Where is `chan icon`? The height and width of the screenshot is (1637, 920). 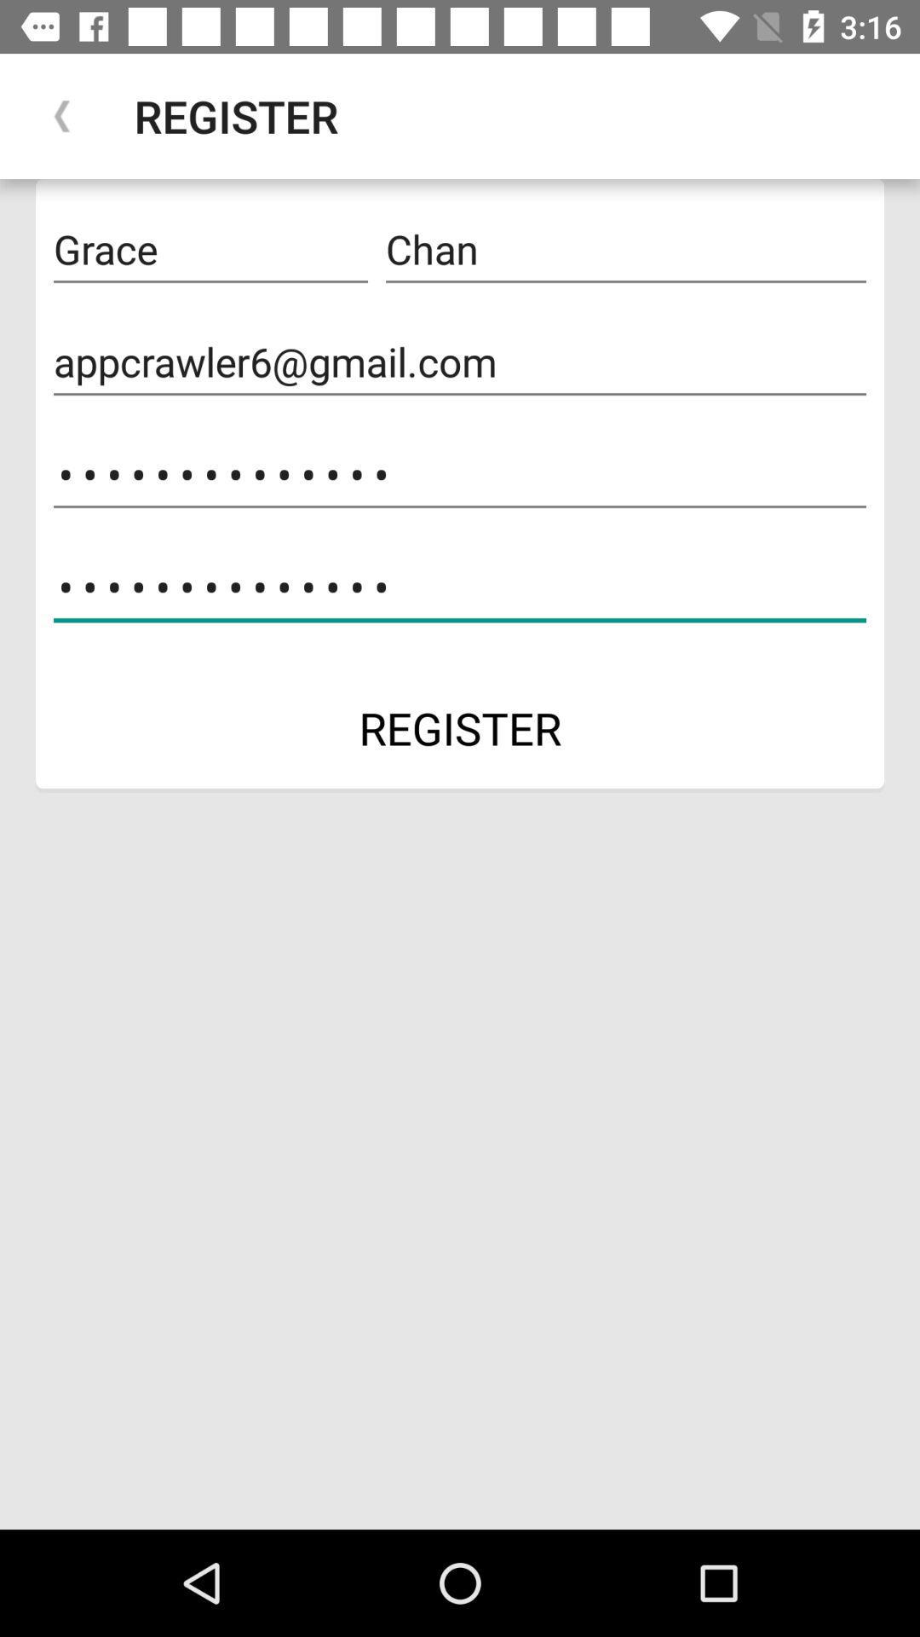
chan icon is located at coordinates (626, 249).